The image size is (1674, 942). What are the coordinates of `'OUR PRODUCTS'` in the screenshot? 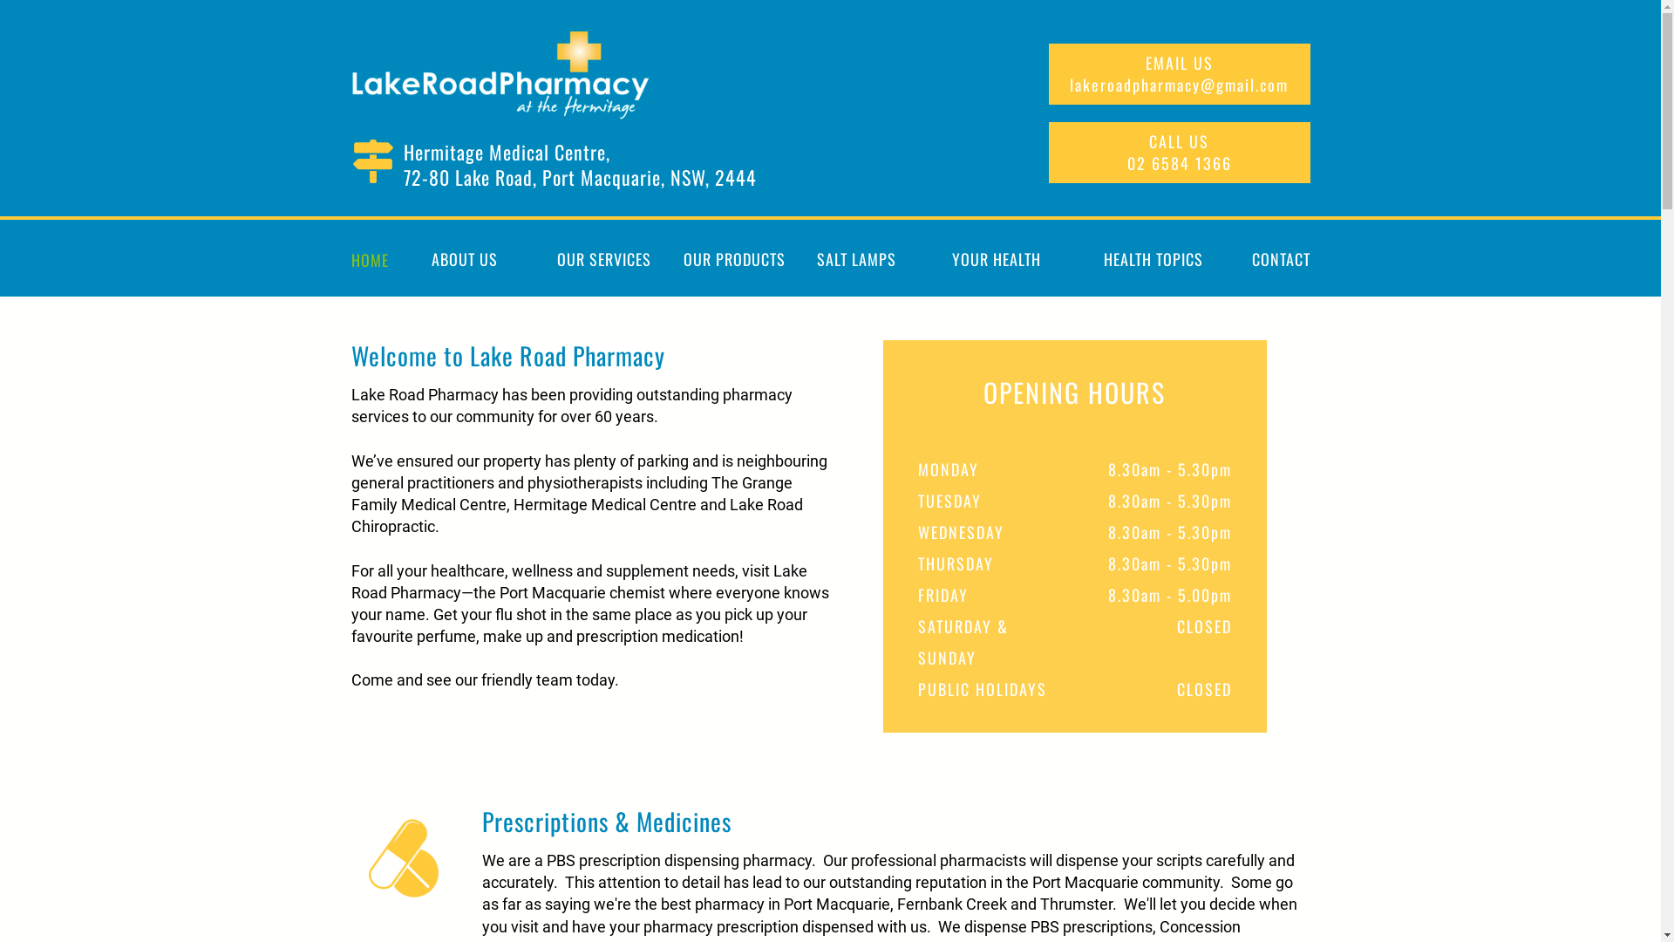 It's located at (681, 259).